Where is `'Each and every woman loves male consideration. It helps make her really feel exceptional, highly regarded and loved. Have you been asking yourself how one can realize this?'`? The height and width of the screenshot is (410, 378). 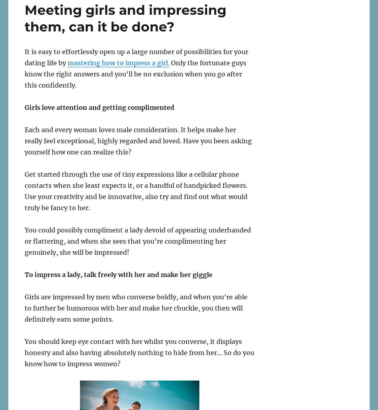
'Each and every woman loves male consideration. It helps make her really feel exceptional, highly regarded and loved. Have you been asking yourself how one can realize this?' is located at coordinates (25, 140).